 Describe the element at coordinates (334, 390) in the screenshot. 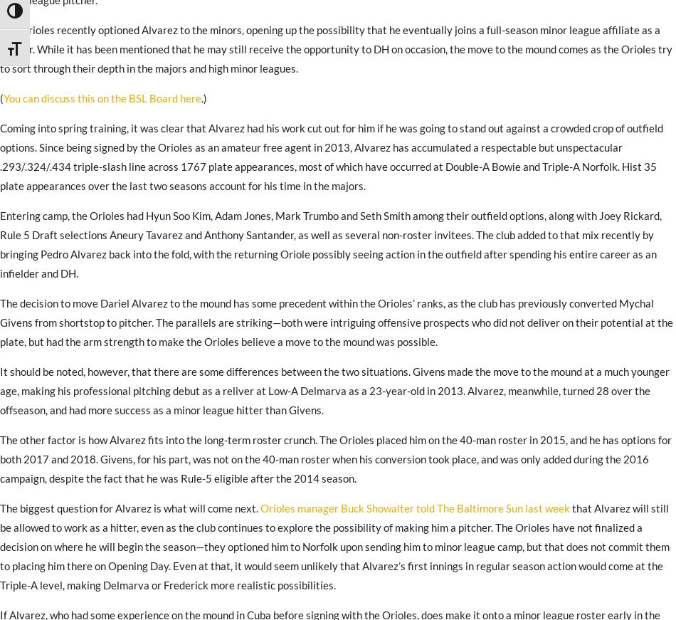

I see `'It should be noted, however, that there are some differences between the two situations. Givens made the move to the mound at a much younger age, making his professional pitching debut as a reliver at Low-A Delmarva as a 23-year-old in 2013. Alvarez, meanwhile, turned 28 over the offseason, and had more success as a minor league hitter than Givens.'` at that location.